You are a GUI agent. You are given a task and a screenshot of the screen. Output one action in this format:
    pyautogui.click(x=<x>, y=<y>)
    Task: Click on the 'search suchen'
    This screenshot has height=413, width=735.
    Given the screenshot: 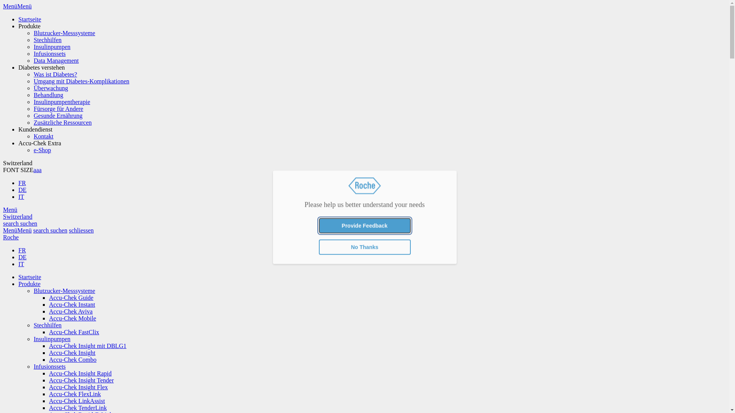 What is the action you would take?
    pyautogui.click(x=20, y=223)
    